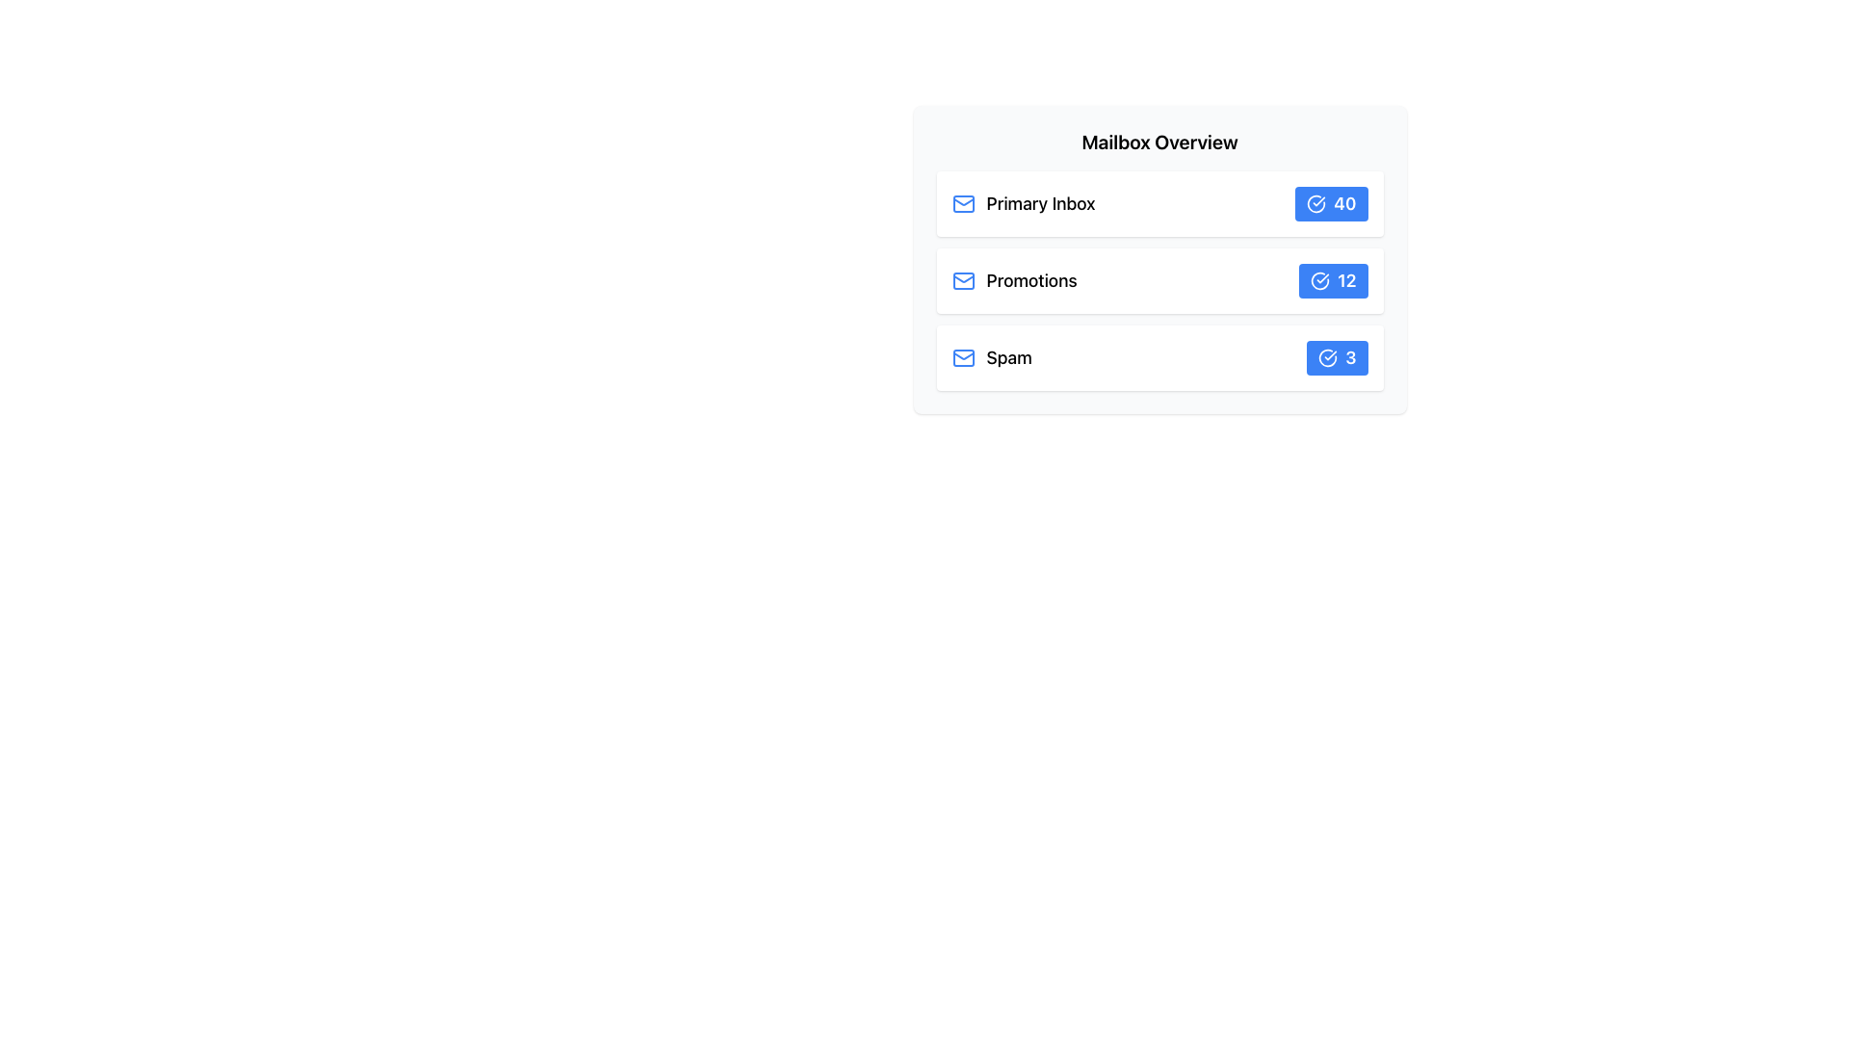 This screenshot has height=1040, width=1849. What do you see at coordinates (1022, 204) in the screenshot?
I see `the 'Primary Inbox' text label and blue mail icon` at bounding box center [1022, 204].